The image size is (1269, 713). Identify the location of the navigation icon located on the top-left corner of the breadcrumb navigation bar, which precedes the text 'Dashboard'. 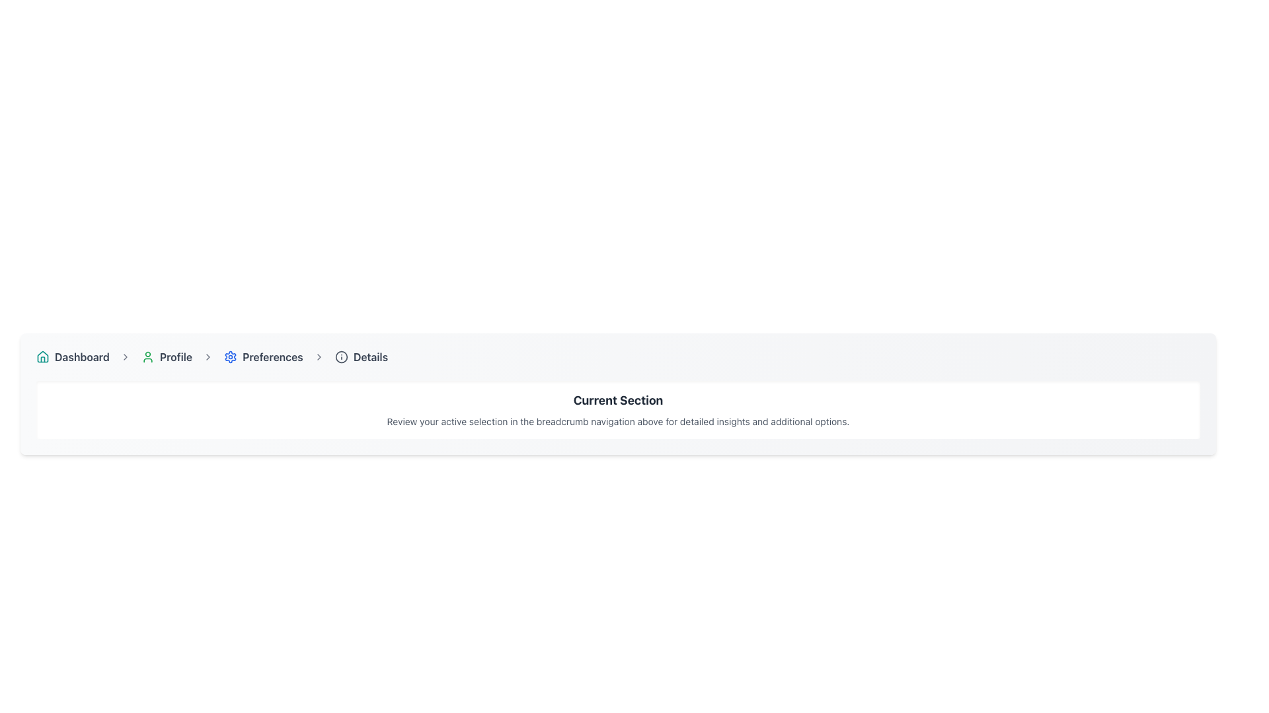
(43, 356).